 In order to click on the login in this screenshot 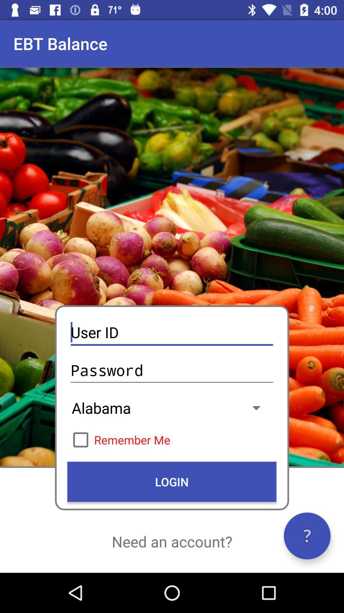, I will do `click(171, 481)`.